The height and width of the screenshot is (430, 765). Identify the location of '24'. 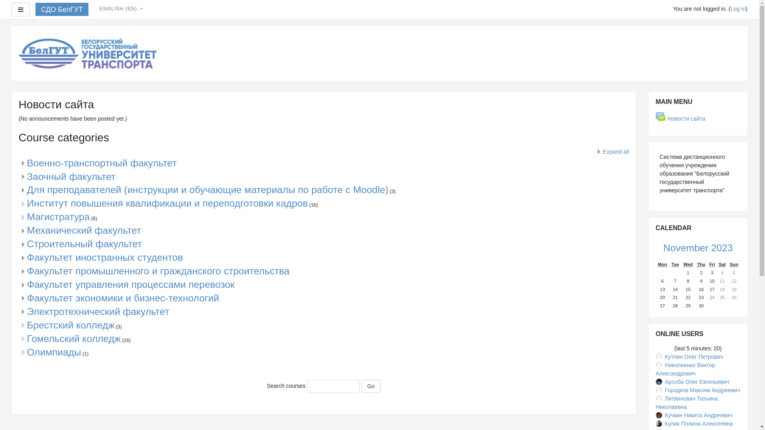
(712, 297).